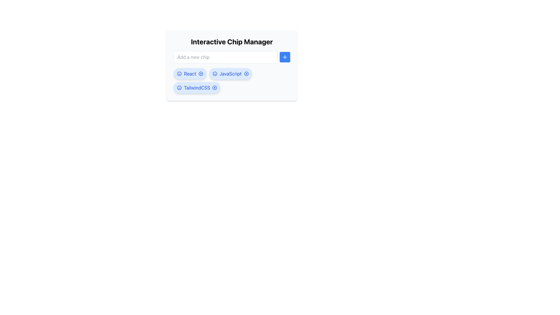 The width and height of the screenshot is (560, 315). What do you see at coordinates (214, 87) in the screenshot?
I see `the center of the circular close icon button located at the far right of the 'TailwindCSS' chip` at bounding box center [214, 87].